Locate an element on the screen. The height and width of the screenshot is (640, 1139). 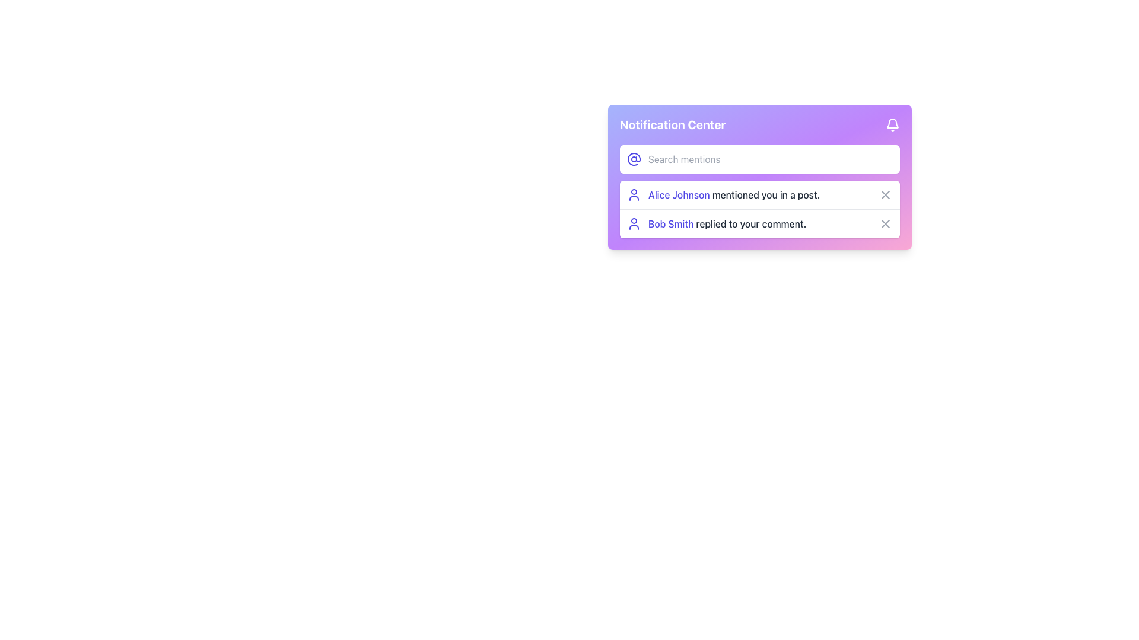
the dismiss button located within the notification for 'Alice Johnson mentioned you in a post' is located at coordinates (885, 194).